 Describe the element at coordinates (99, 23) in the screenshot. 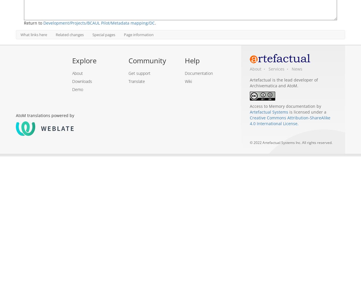

I see `'Development/Projects/BCAUL Pilot/Metadata mapping/DC'` at that location.